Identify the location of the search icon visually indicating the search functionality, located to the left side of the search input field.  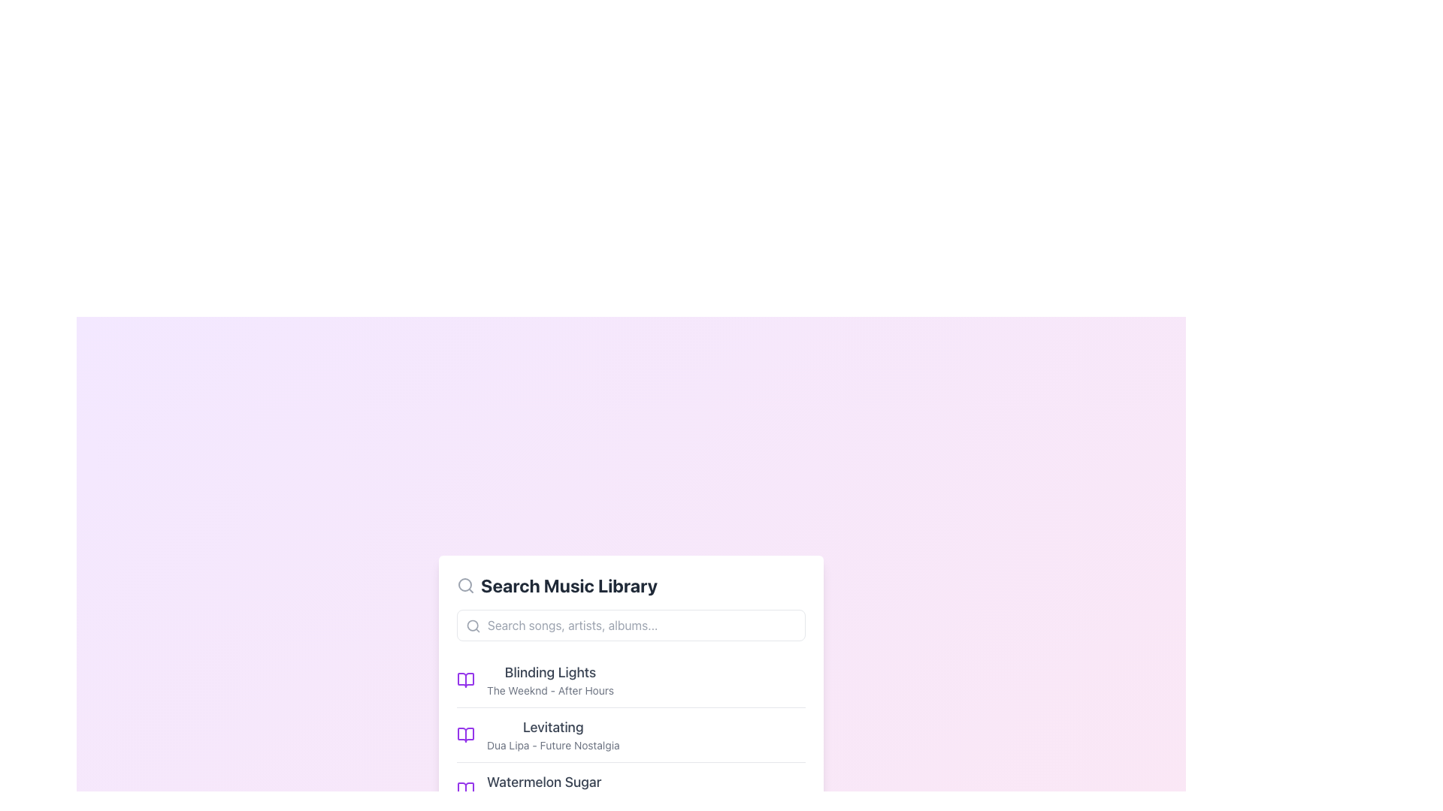
(472, 626).